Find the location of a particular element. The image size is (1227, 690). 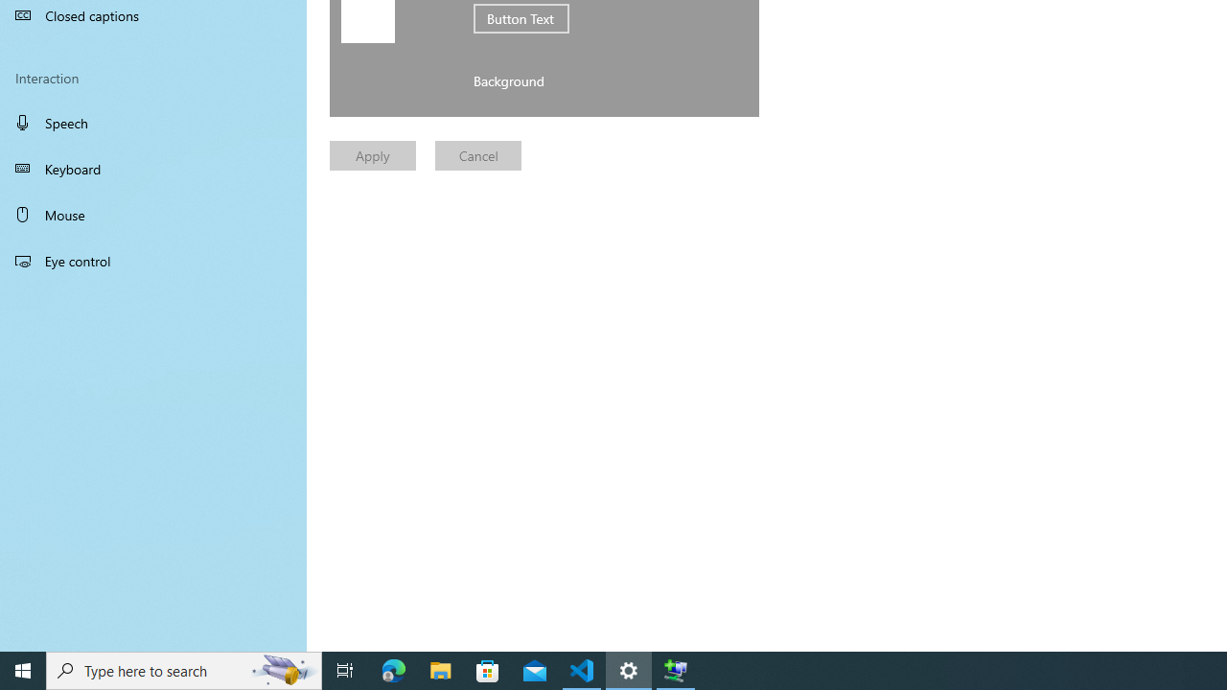

'Extensible Wizards Host Process - 1 running window' is located at coordinates (676, 669).